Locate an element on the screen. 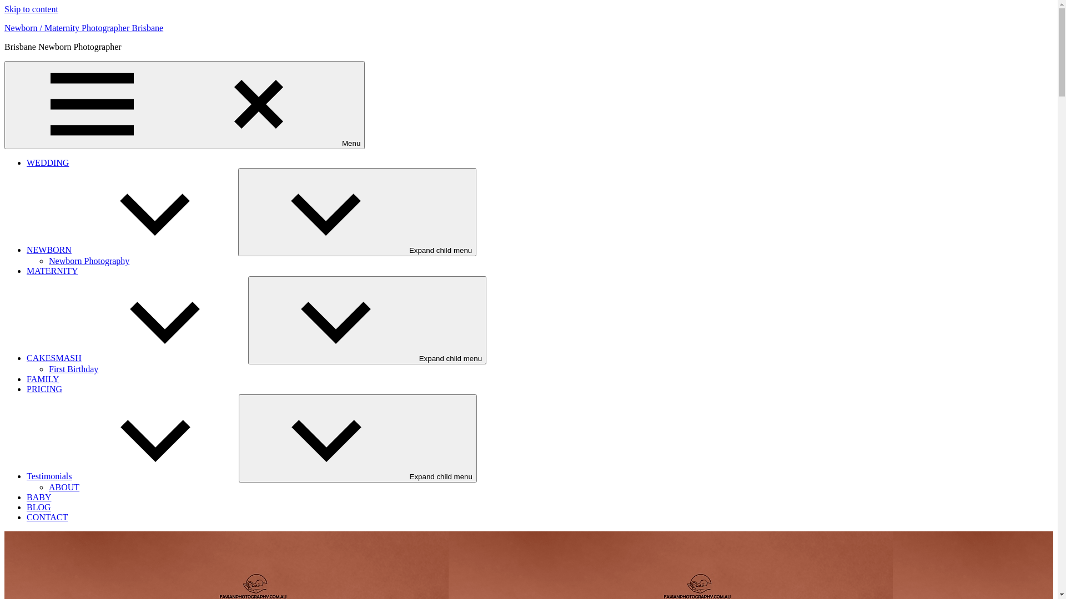 The image size is (1066, 599). 'Menu' is located at coordinates (184, 105).